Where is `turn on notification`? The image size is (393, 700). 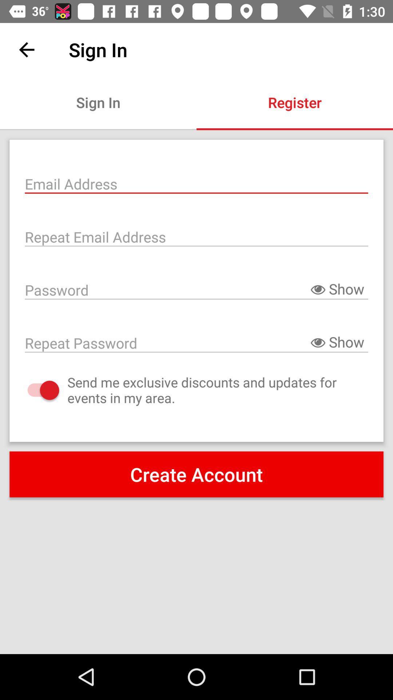
turn on notification is located at coordinates (36, 390).